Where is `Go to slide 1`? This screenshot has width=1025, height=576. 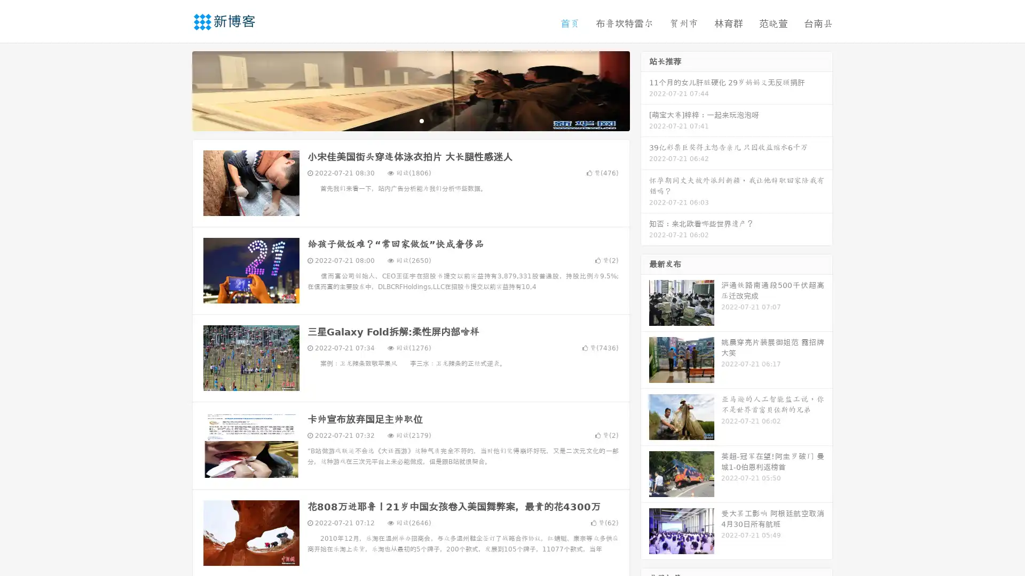
Go to slide 1 is located at coordinates (399, 120).